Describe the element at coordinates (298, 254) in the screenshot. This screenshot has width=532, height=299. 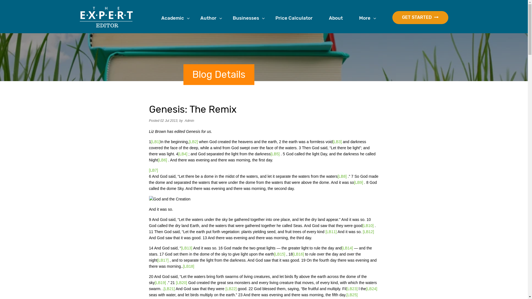
I see `'[LB16]'` at that location.